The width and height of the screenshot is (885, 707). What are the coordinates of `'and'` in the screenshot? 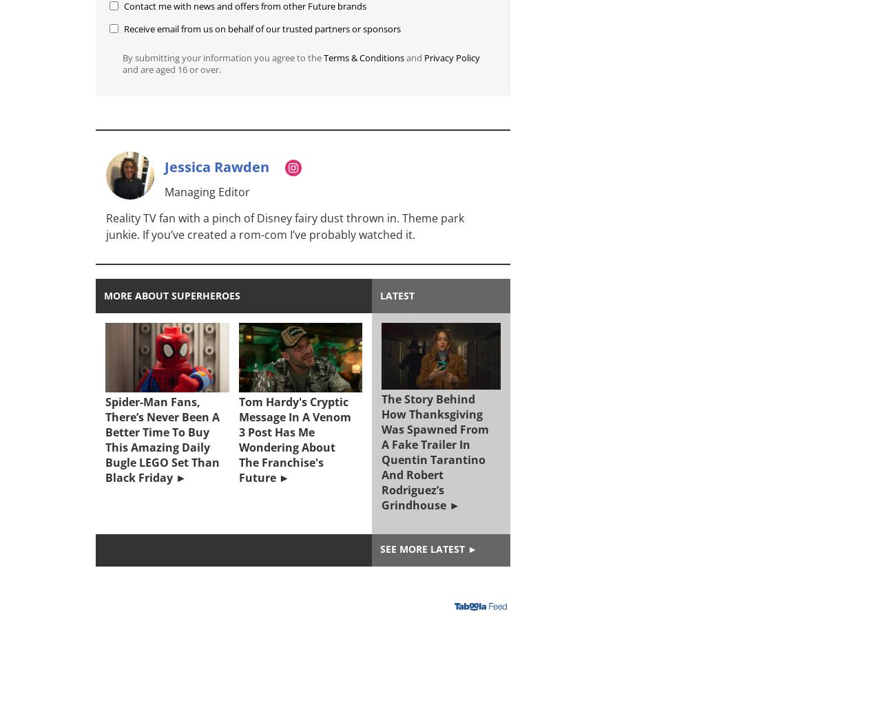 It's located at (414, 57).